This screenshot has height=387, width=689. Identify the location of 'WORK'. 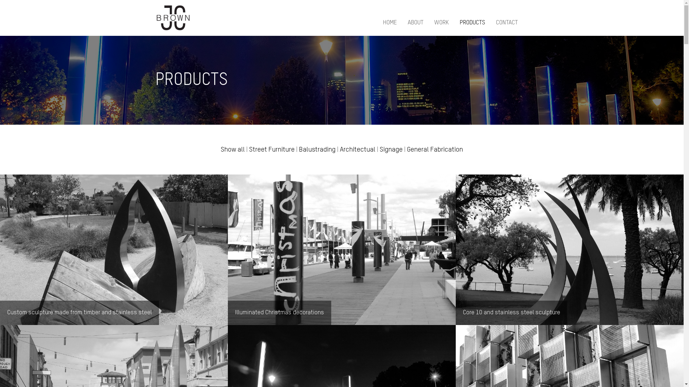
(441, 23).